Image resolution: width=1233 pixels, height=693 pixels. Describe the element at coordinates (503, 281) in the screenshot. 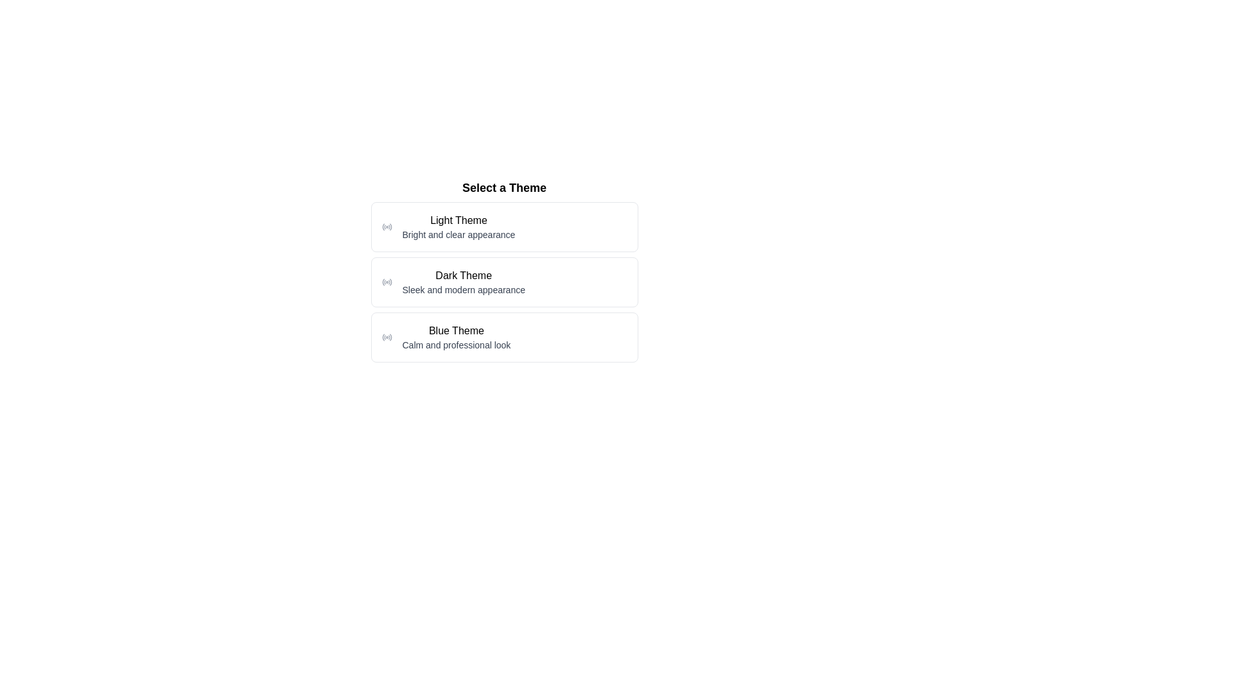

I see `the 'Dark Theme' selectable list item, which is the second item in the theme options list` at that location.